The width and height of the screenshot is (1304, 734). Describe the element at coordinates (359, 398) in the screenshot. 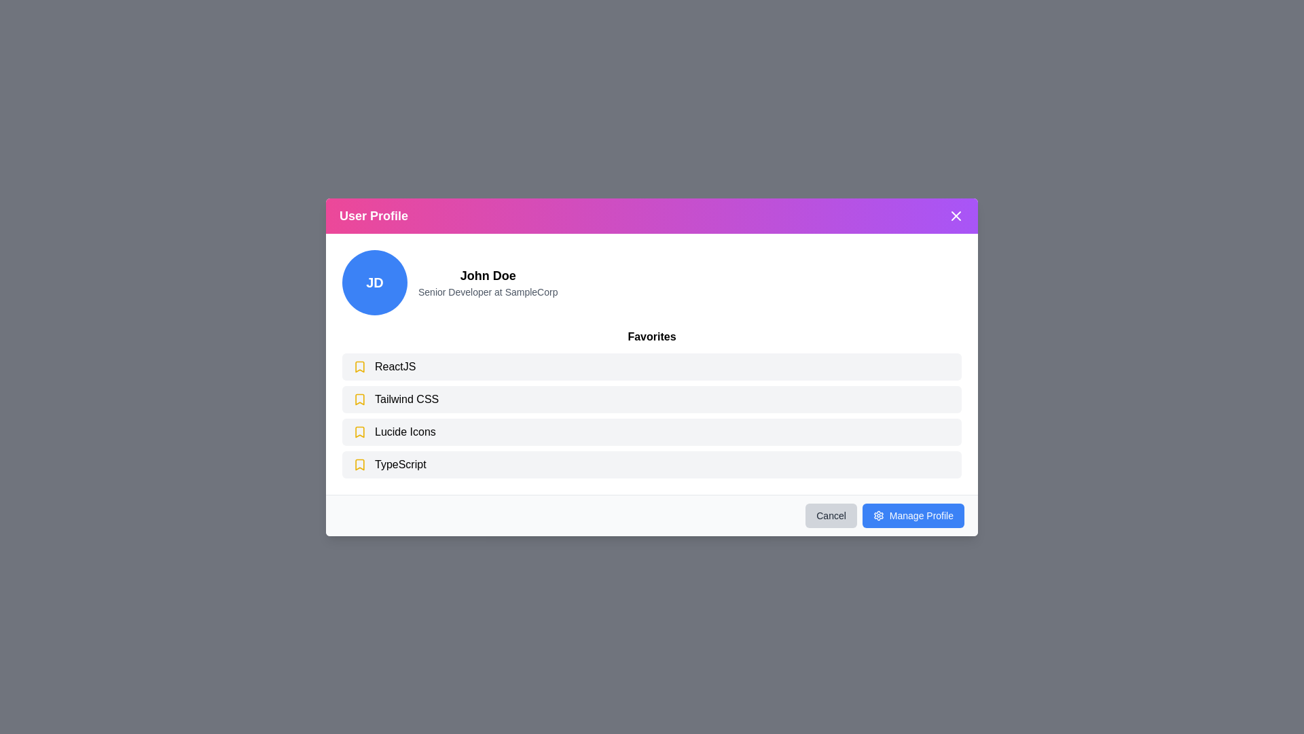

I see `the yellow bookmark icon located in the 'Tailwind CSS' row, to the left of the label text` at that location.